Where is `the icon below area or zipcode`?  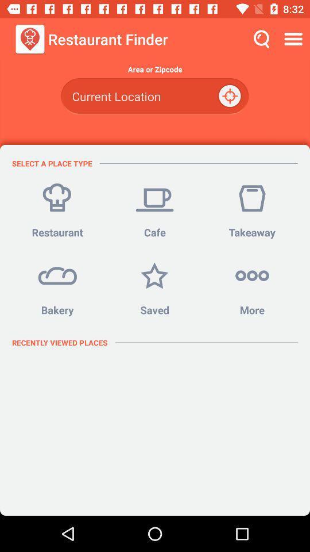 the icon below area or zipcode is located at coordinates (154, 95).